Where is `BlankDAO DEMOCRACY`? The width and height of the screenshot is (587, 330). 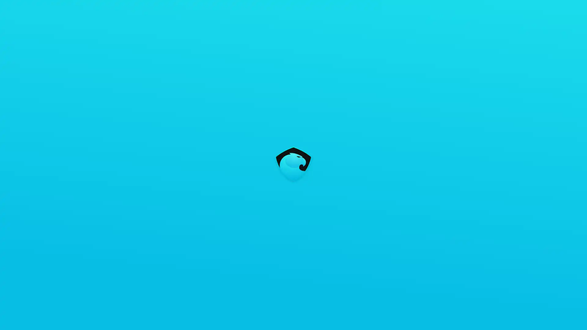
BlankDAO DEMOCRACY is located at coordinates (375, 109).